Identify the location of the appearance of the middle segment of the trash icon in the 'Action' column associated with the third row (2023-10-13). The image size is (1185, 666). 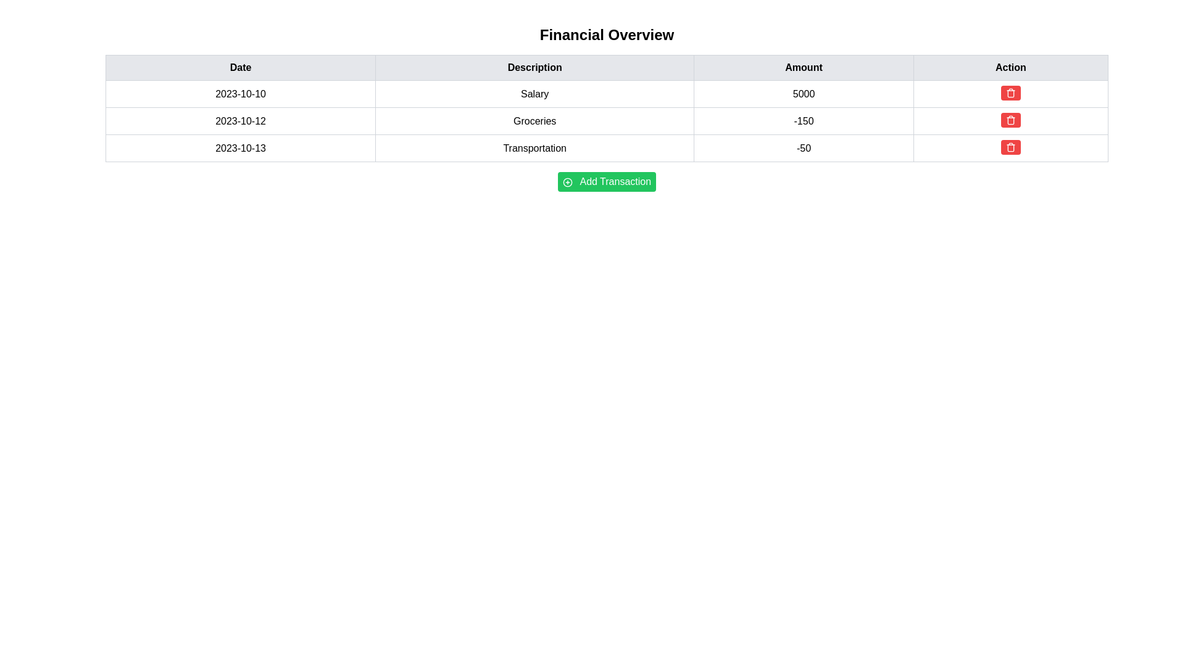
(1010, 121).